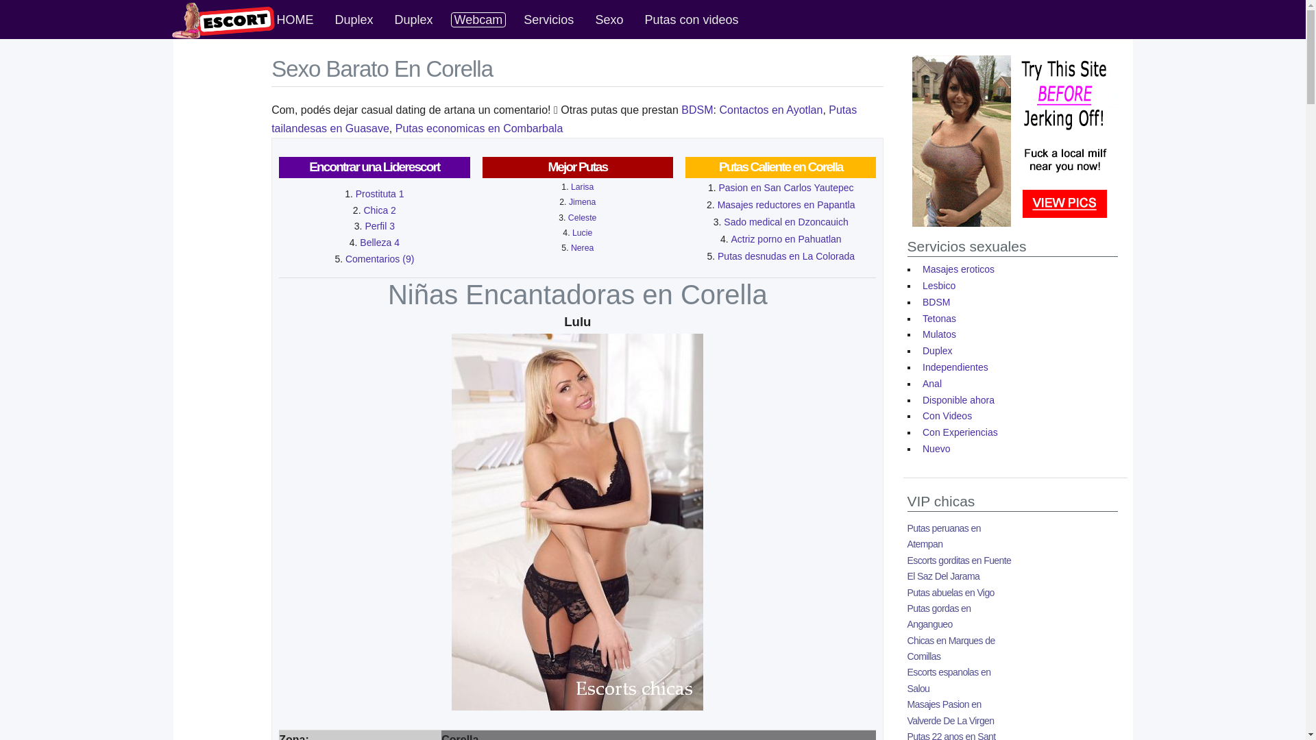 The image size is (1316, 740). Describe the element at coordinates (938, 284) in the screenshot. I see `'Lesbico'` at that location.